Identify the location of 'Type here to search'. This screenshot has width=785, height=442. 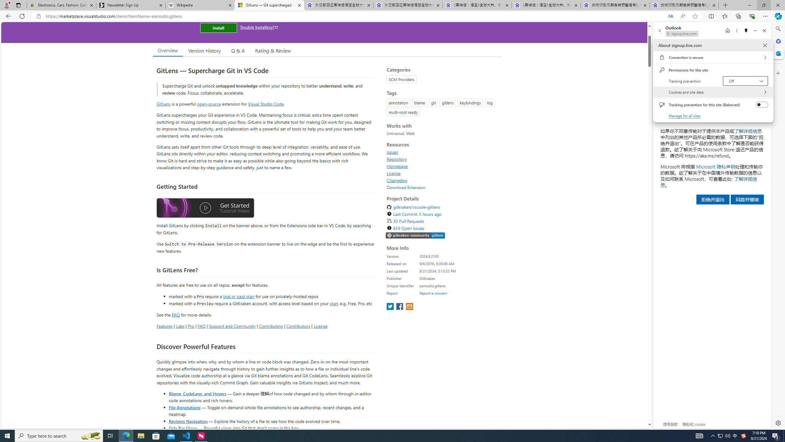
(59, 435).